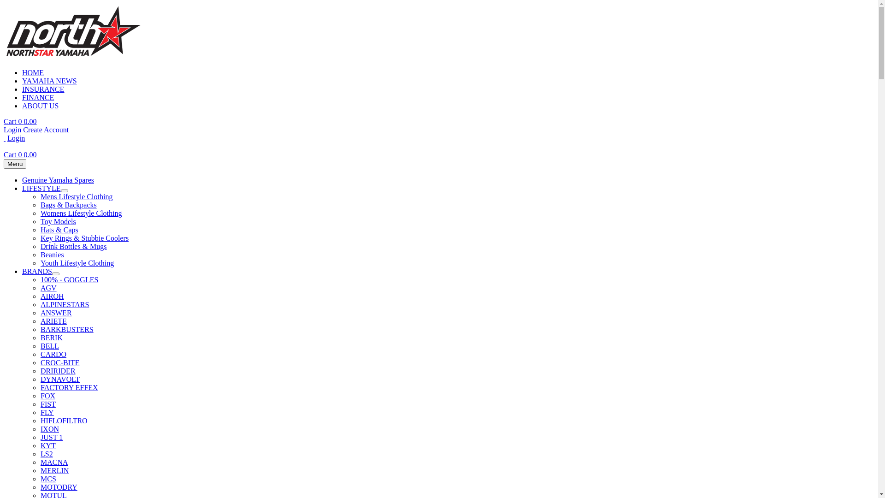 This screenshot has width=885, height=498. I want to click on 'MCS', so click(48, 478).